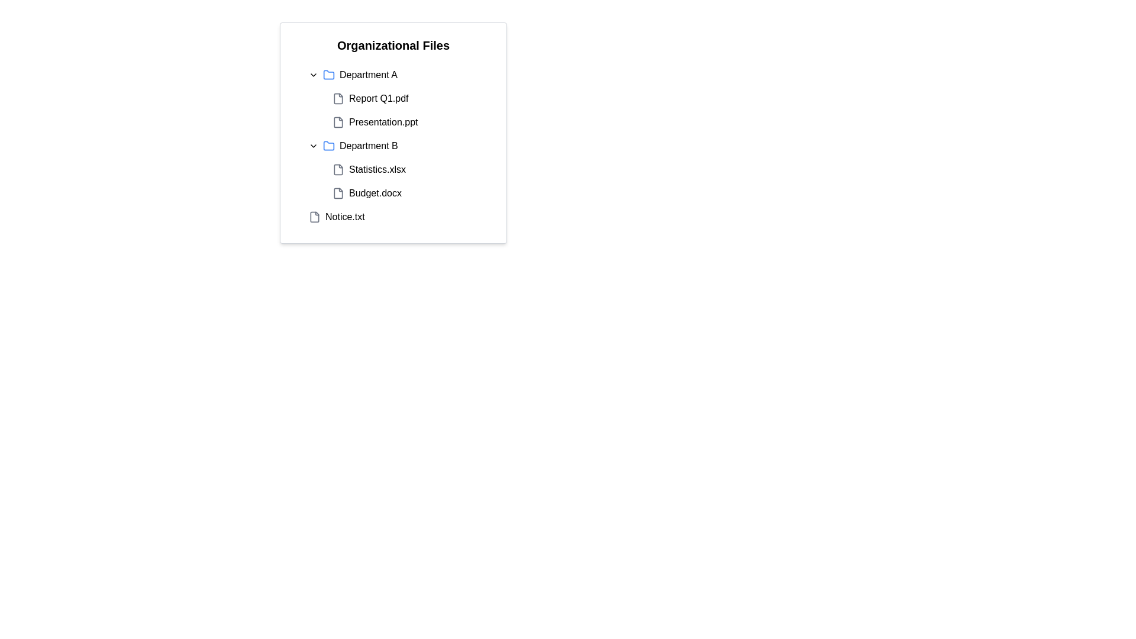  I want to click on the list item labeled 'Statistics.xlsx' in the file navigation layout to trigger hover effects, so click(405, 169).